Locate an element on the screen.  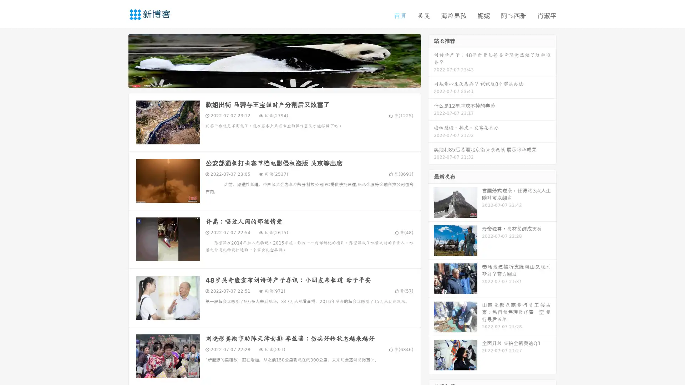
Go to slide 1 is located at coordinates (267, 80).